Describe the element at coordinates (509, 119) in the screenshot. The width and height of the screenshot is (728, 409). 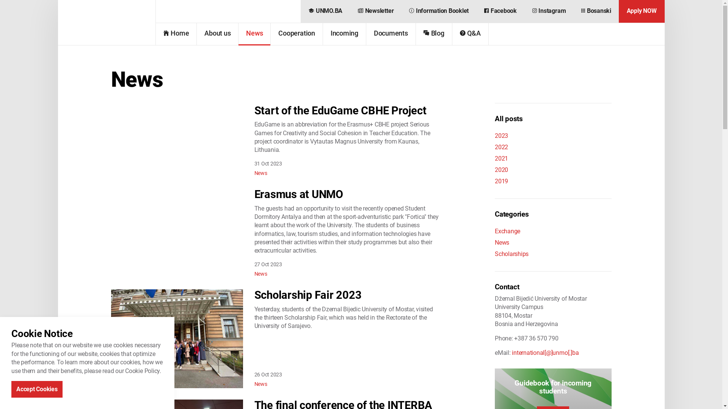
I see `'All posts'` at that location.